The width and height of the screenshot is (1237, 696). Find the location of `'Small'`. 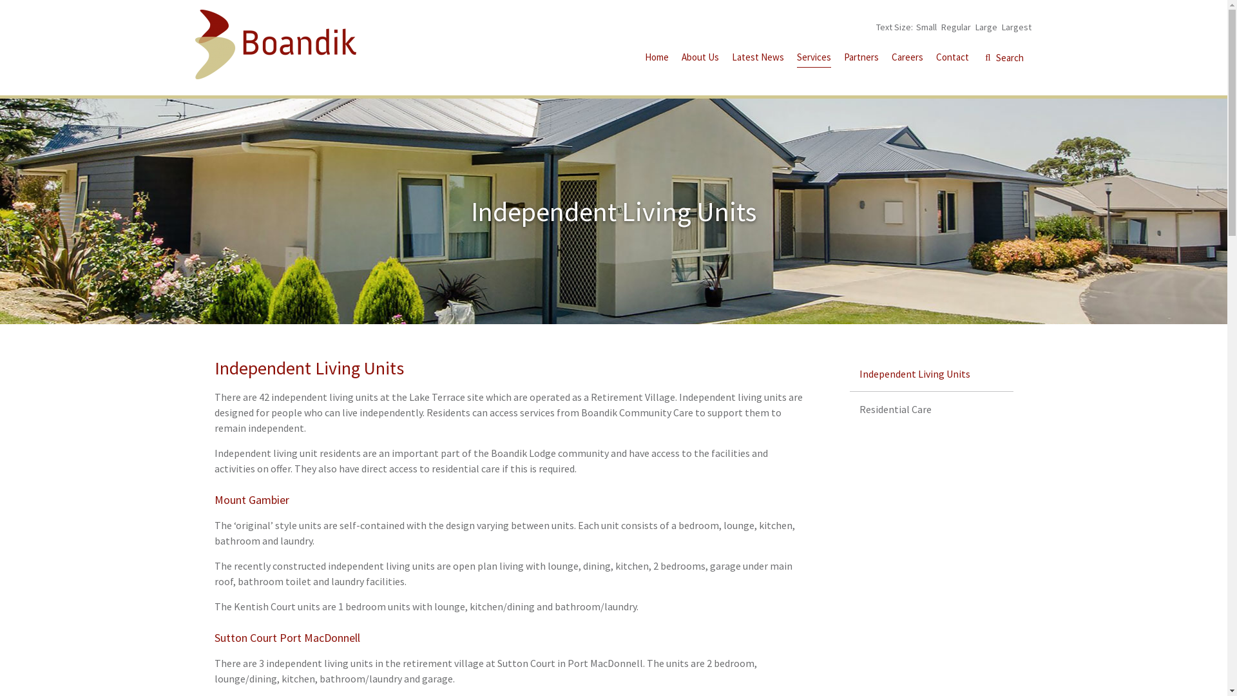

'Small' is located at coordinates (926, 27).